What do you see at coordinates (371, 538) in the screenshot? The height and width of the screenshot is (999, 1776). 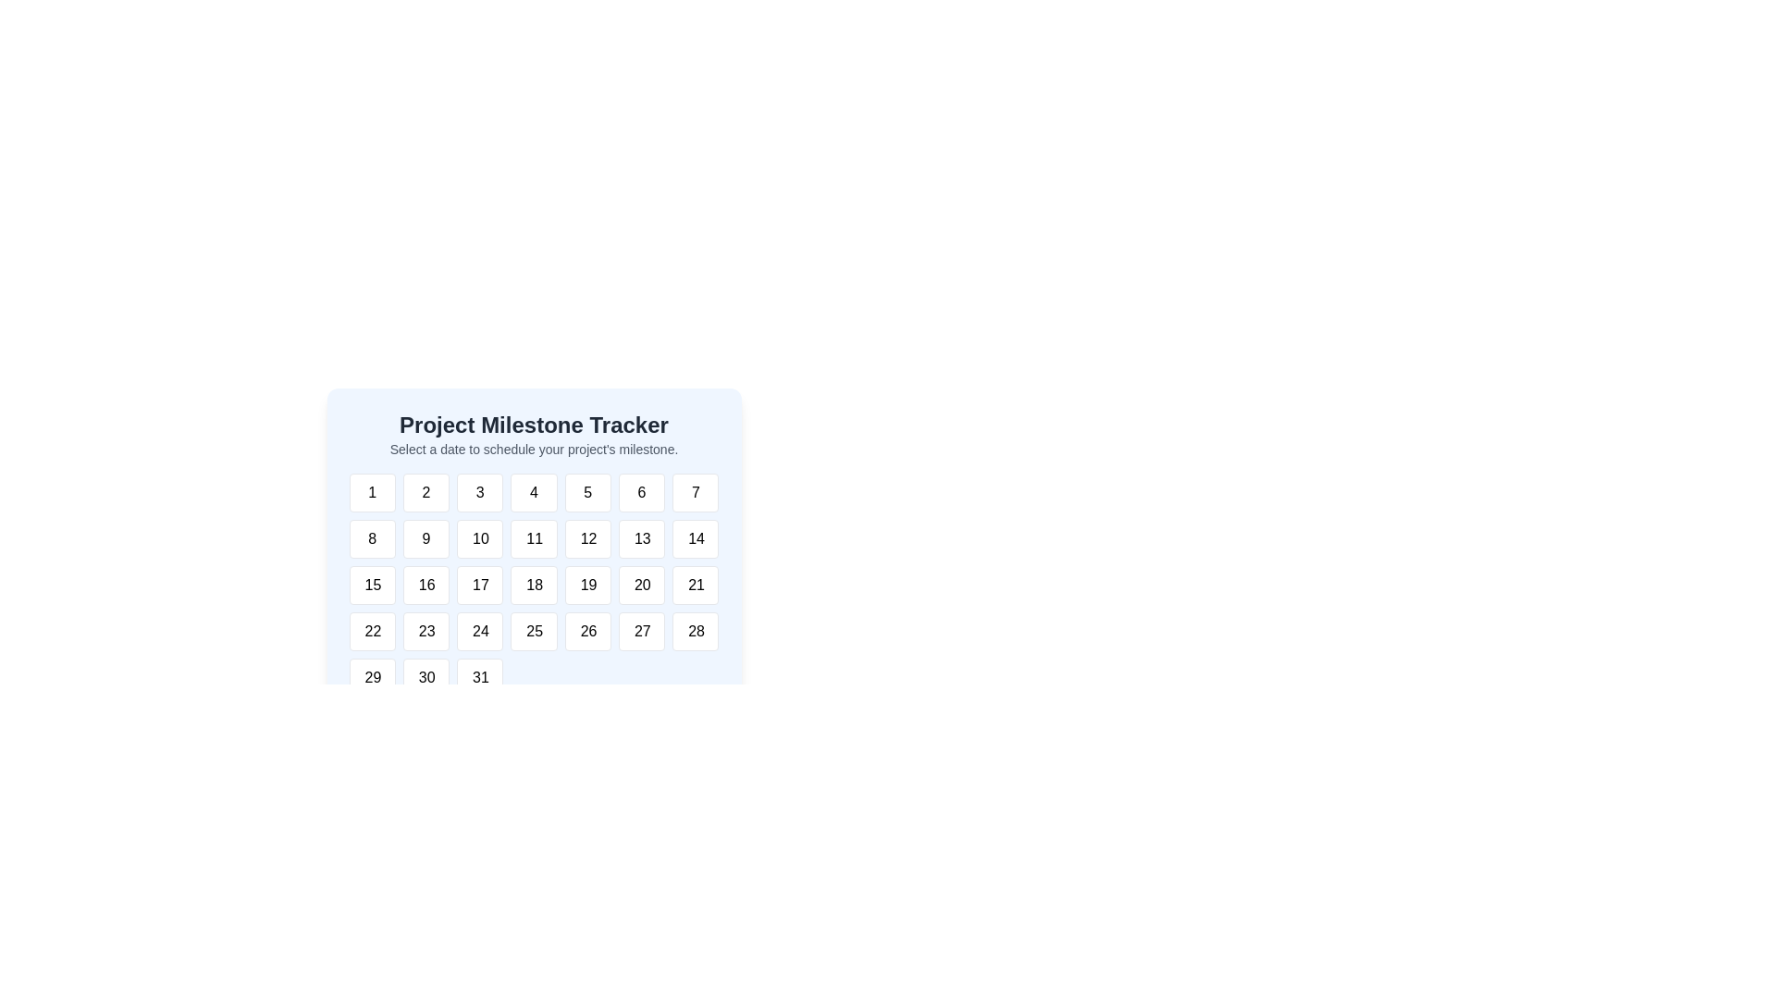 I see `the button displaying the number '8' in the Project Milestone Tracker calendar interface` at bounding box center [371, 538].